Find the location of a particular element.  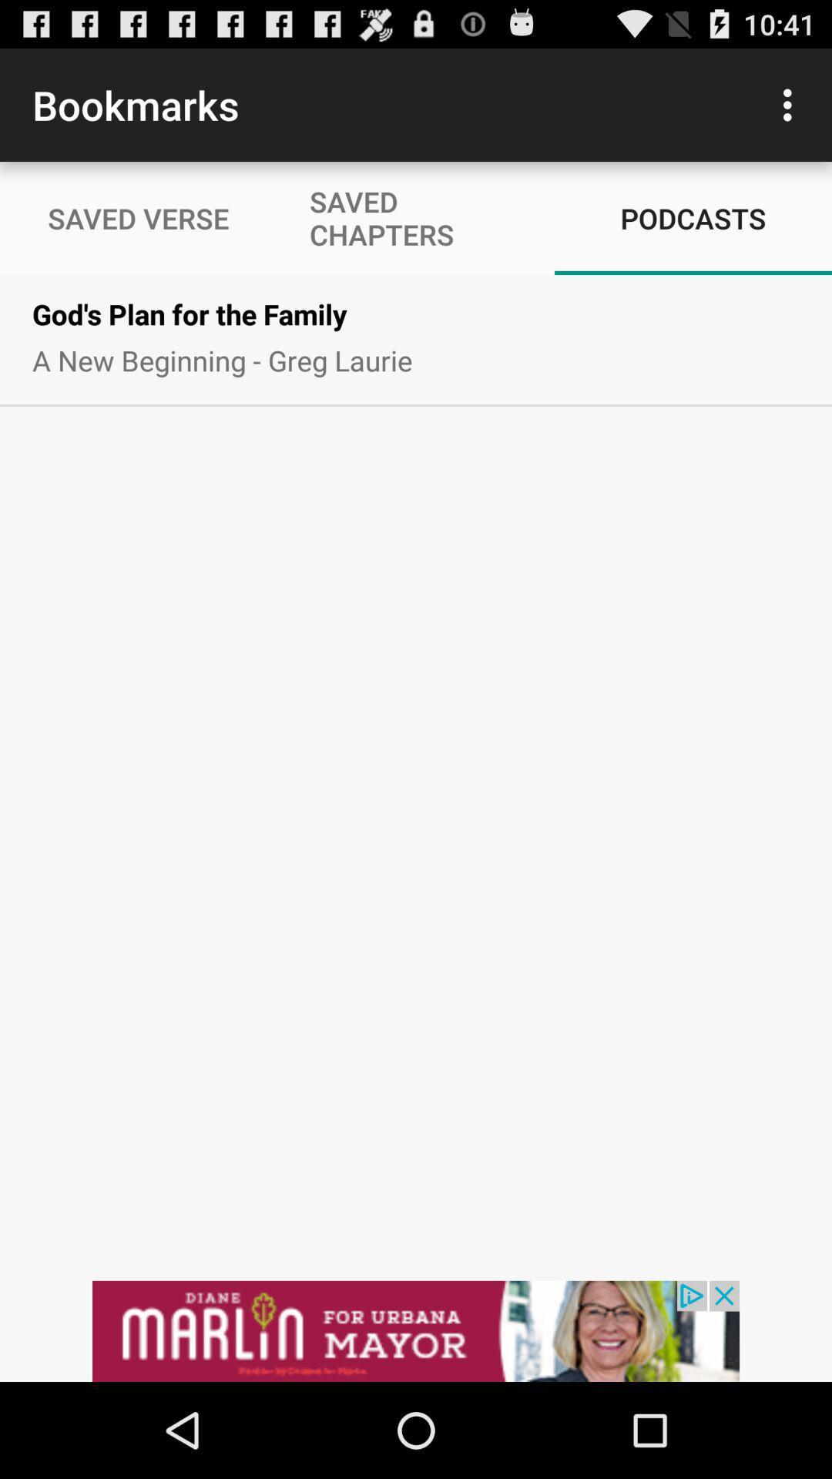

advertisement is located at coordinates (416, 1330).